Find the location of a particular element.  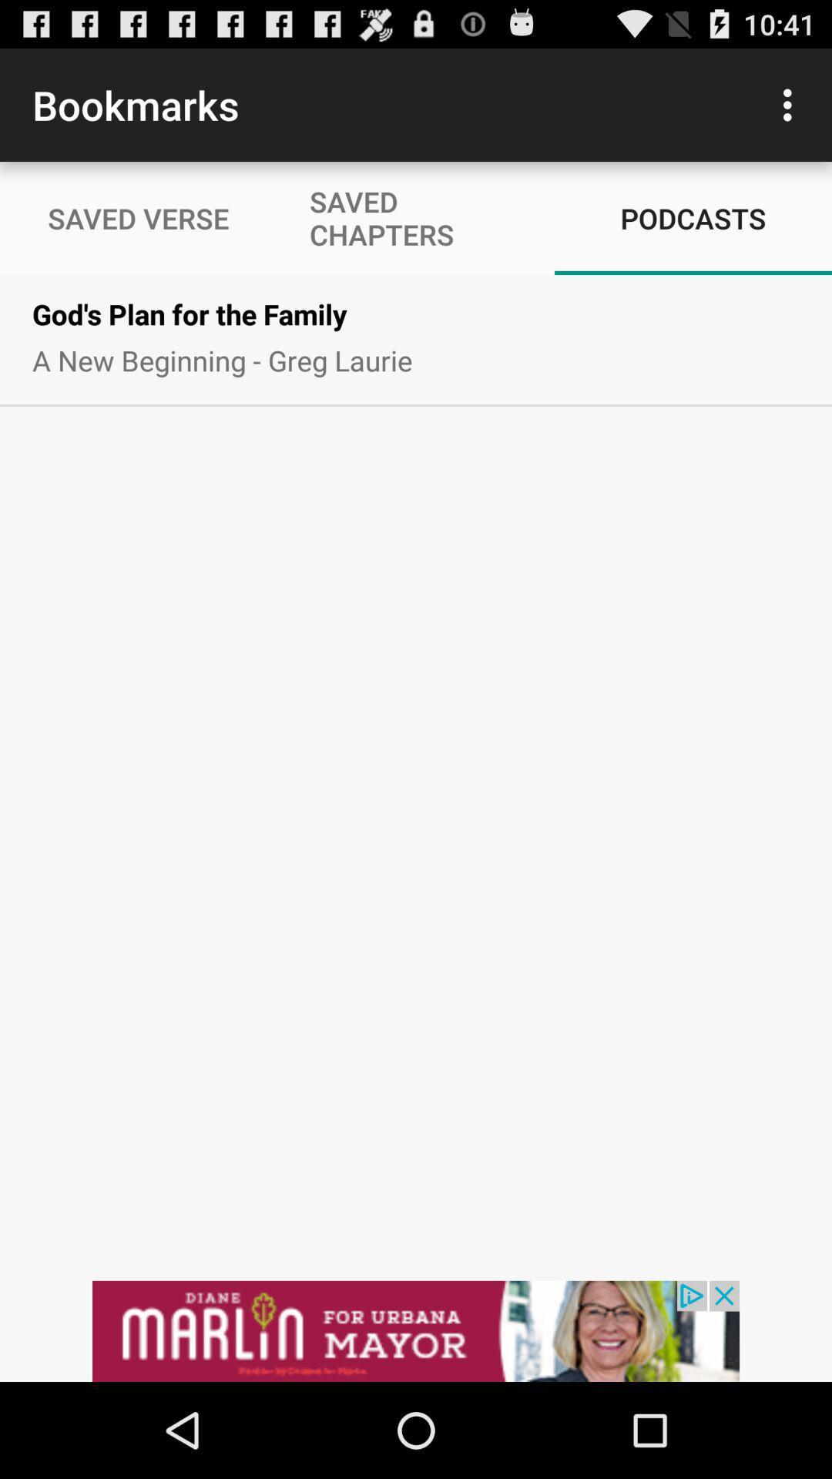

advertisement is located at coordinates (416, 1330).